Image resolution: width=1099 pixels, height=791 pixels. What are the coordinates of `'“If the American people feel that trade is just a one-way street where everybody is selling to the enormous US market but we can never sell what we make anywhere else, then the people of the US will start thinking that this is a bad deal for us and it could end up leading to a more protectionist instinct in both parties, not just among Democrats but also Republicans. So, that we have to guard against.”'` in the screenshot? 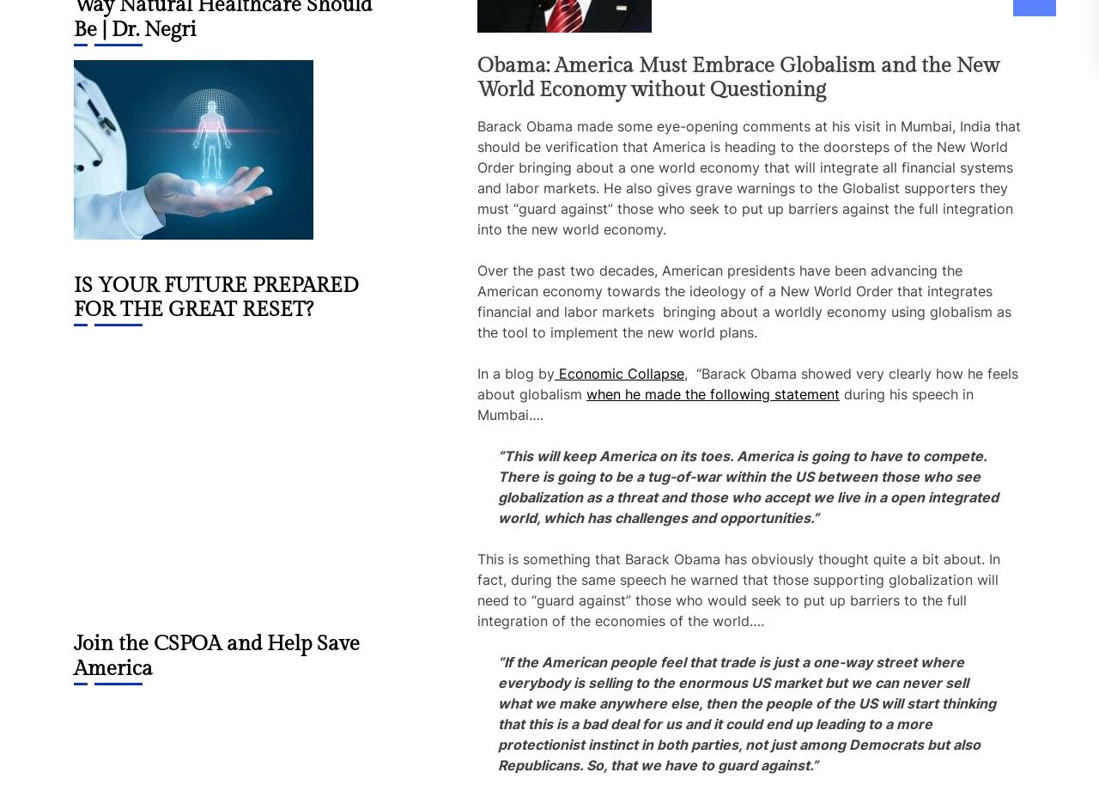 It's located at (747, 713).